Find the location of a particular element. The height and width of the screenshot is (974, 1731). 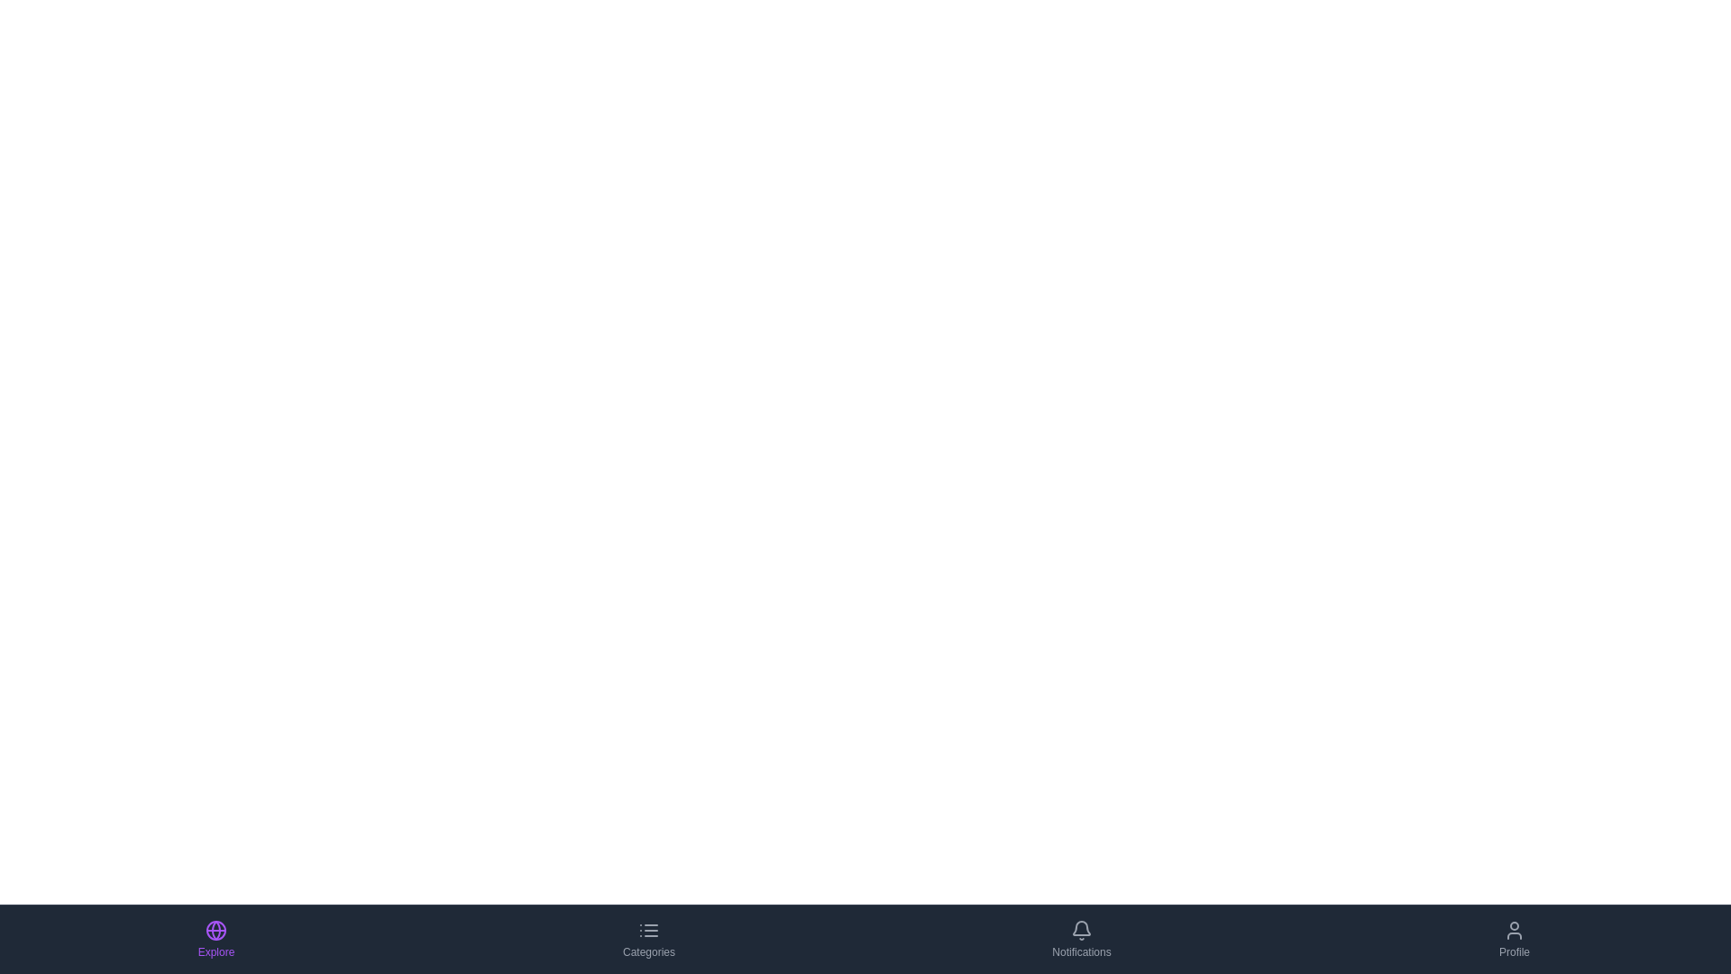

the circular globe icon with a thin purple outline located under the 'Explore' label in the bottom navigation bar is located at coordinates (216, 931).